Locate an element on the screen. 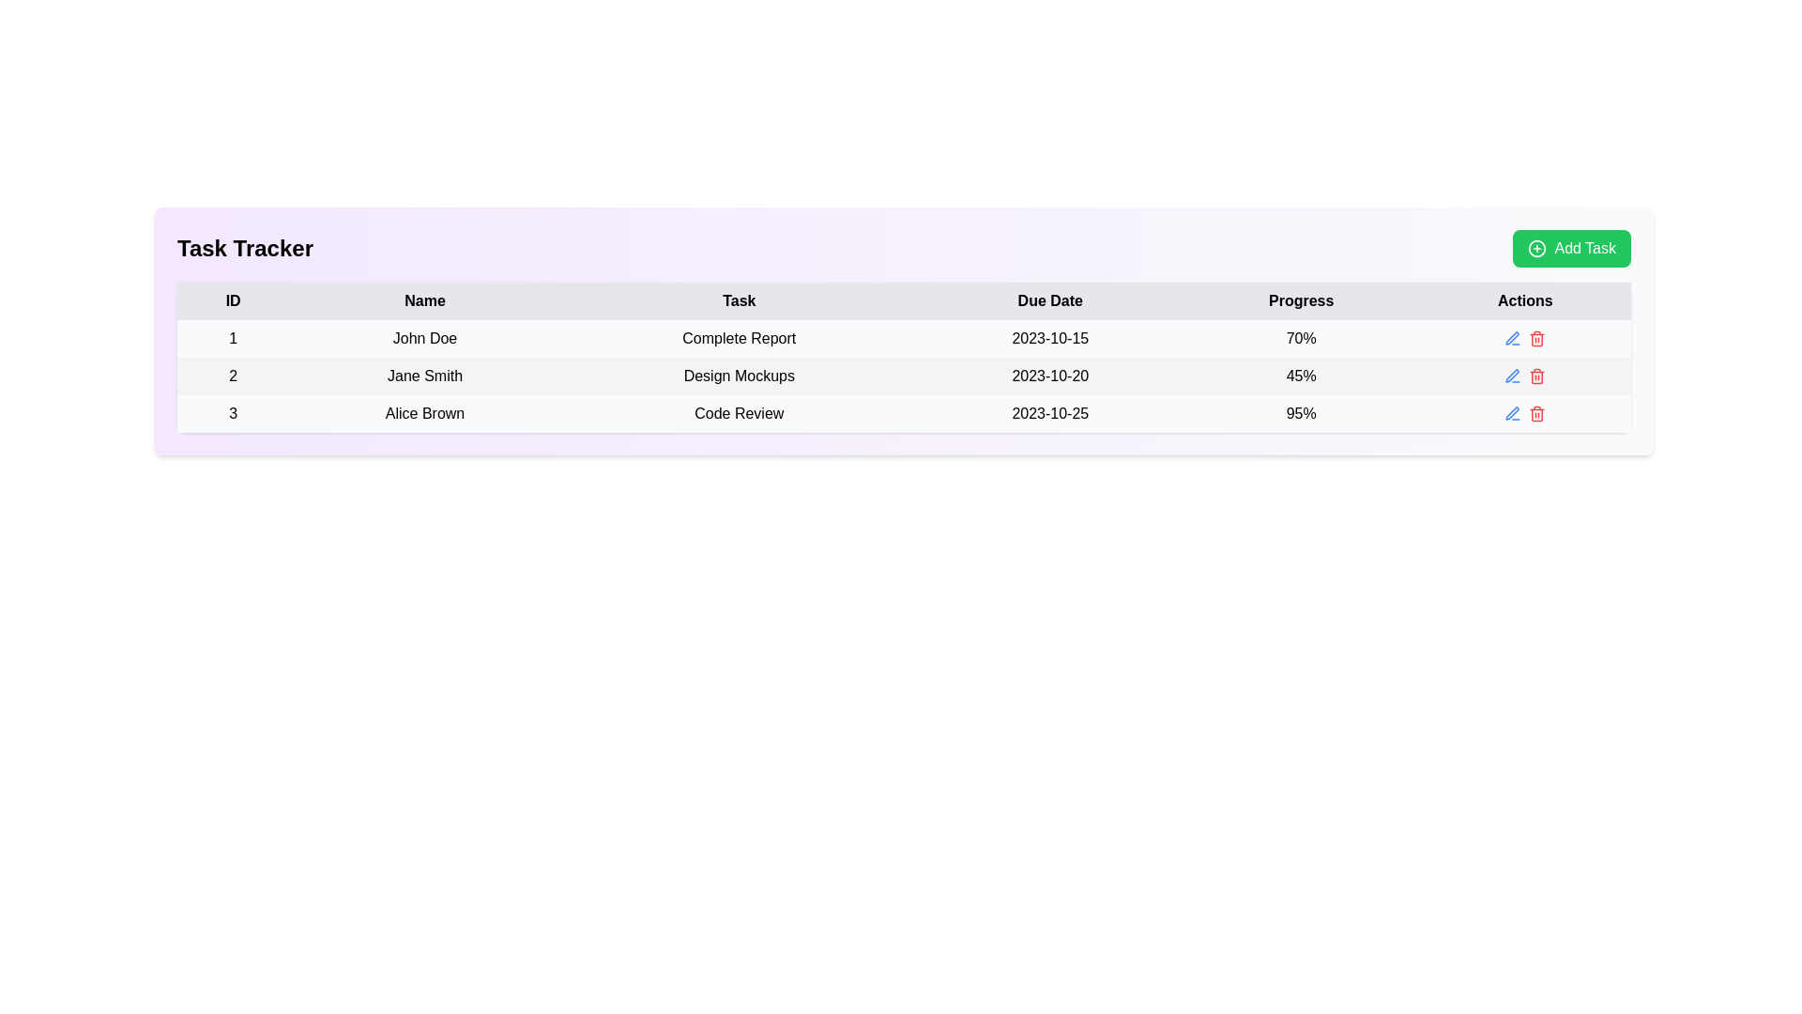  the non-interactive progress Text label indicating the completion percentage for 'Alice Brown - Code Review - 2023-10-25' in the fifth column of the table is located at coordinates (1300, 412).